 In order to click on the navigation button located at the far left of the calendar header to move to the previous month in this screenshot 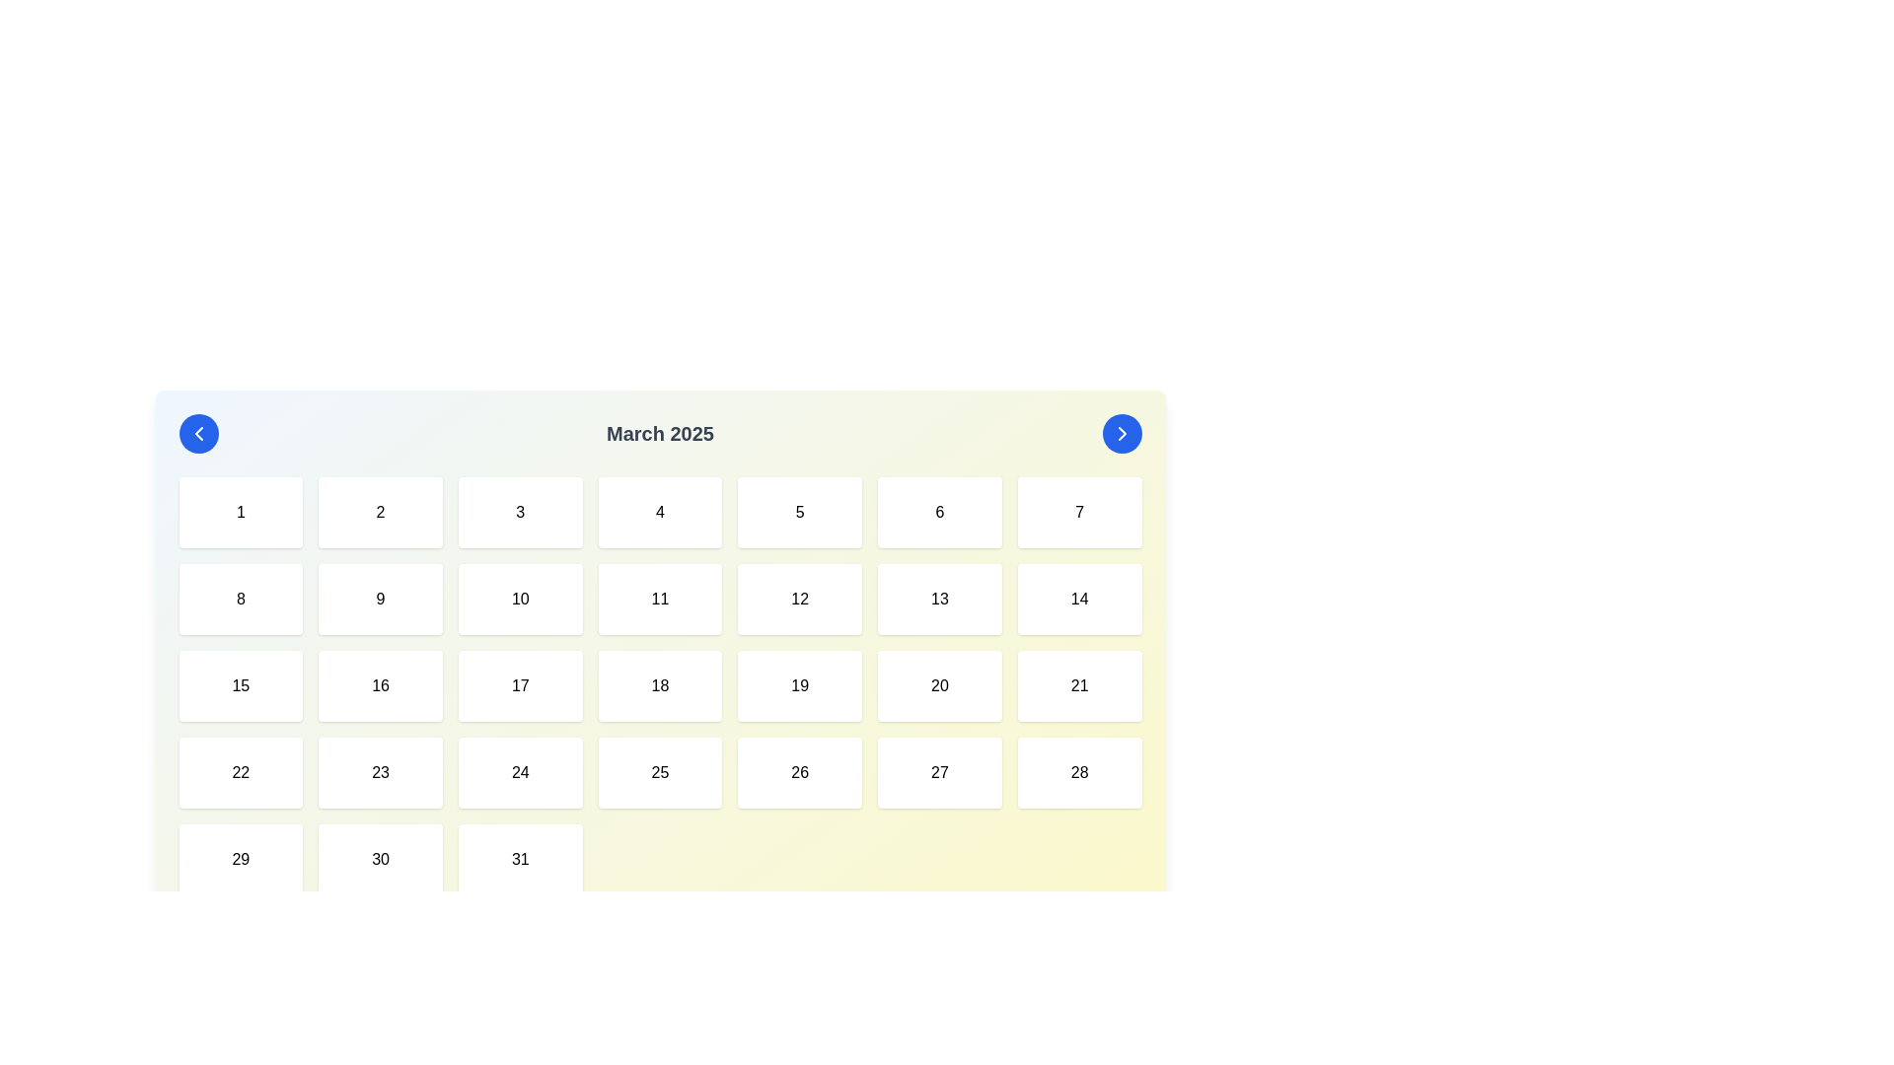, I will do `click(198, 432)`.